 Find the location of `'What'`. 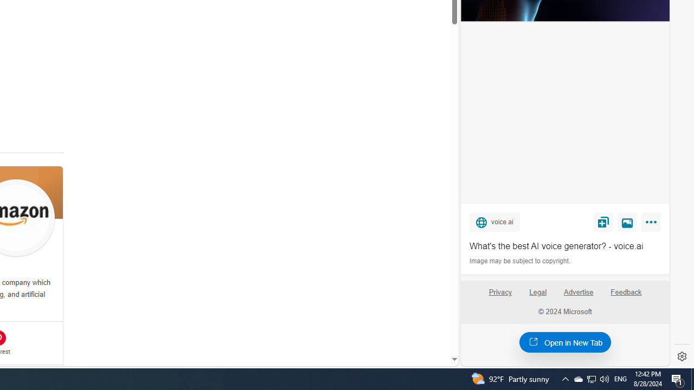

'What' is located at coordinates (564, 246).